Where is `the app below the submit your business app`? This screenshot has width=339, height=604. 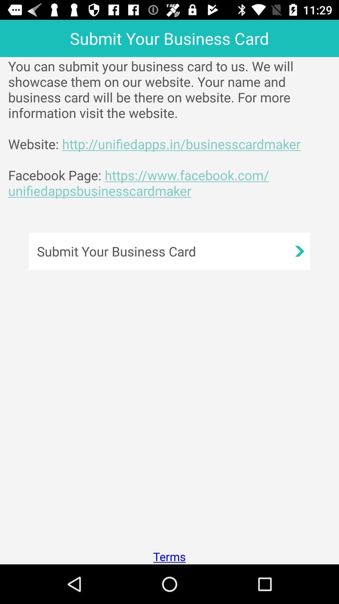 the app below the submit your business app is located at coordinates (169, 556).